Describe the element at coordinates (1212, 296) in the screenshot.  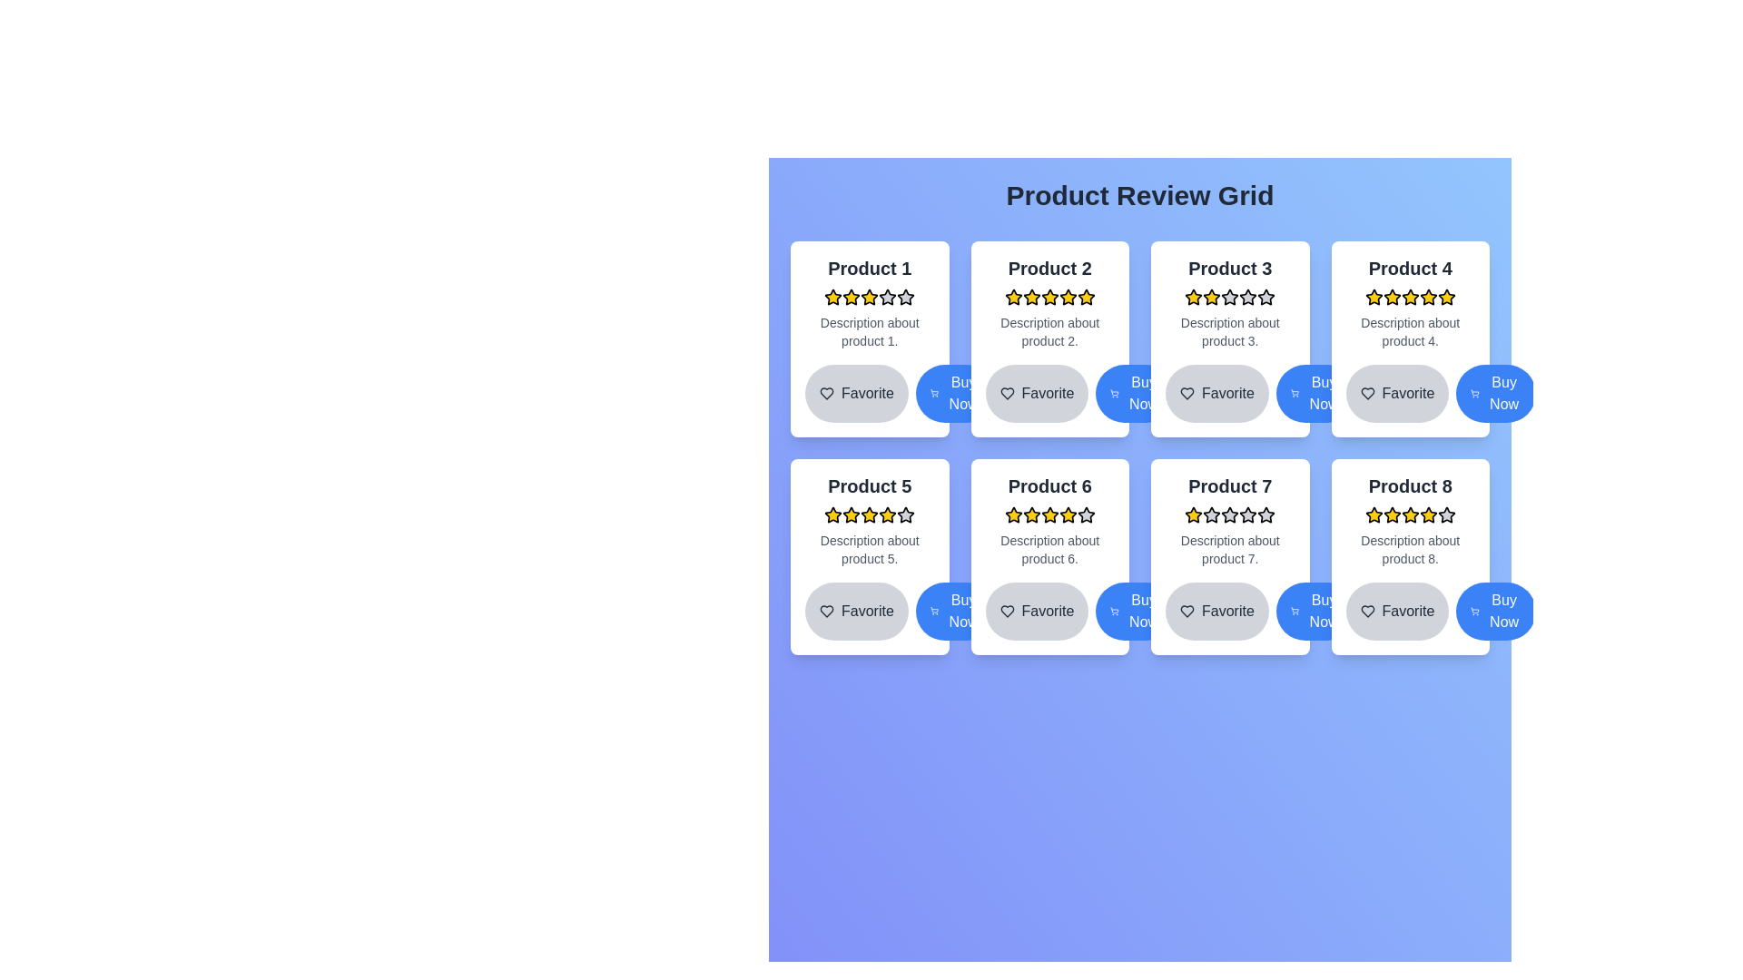
I see `the second star icon representing the rating for 'Product 3' located in the first row, third column of the product grid` at that location.